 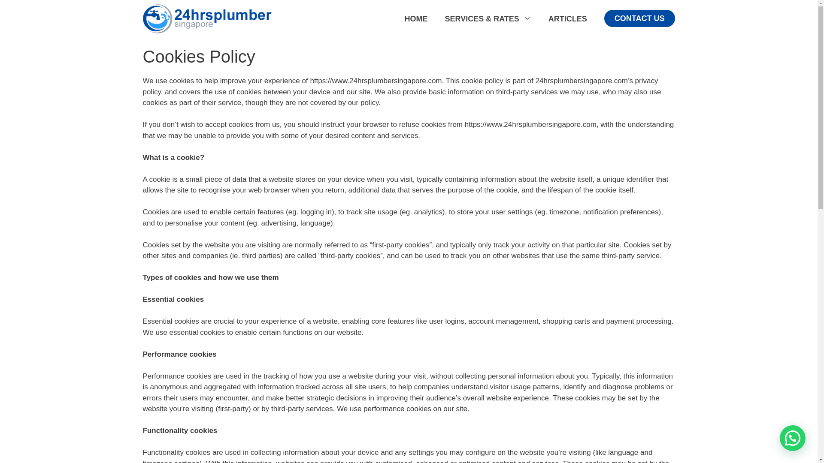 I want to click on 'SERVICES & RATES', so click(x=488, y=18).